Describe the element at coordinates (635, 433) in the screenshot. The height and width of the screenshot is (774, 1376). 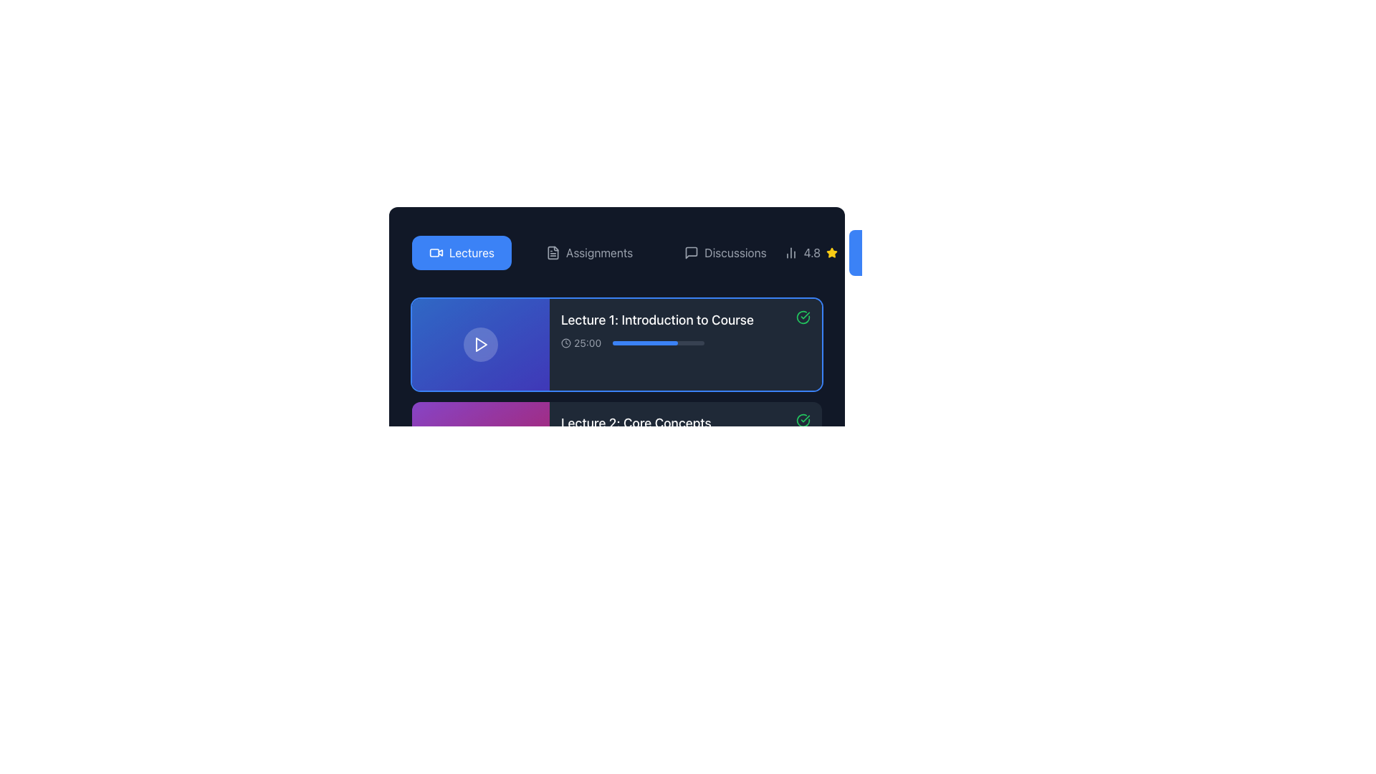
I see `the label displaying 'Lecture 2: Core Concepts'` at that location.